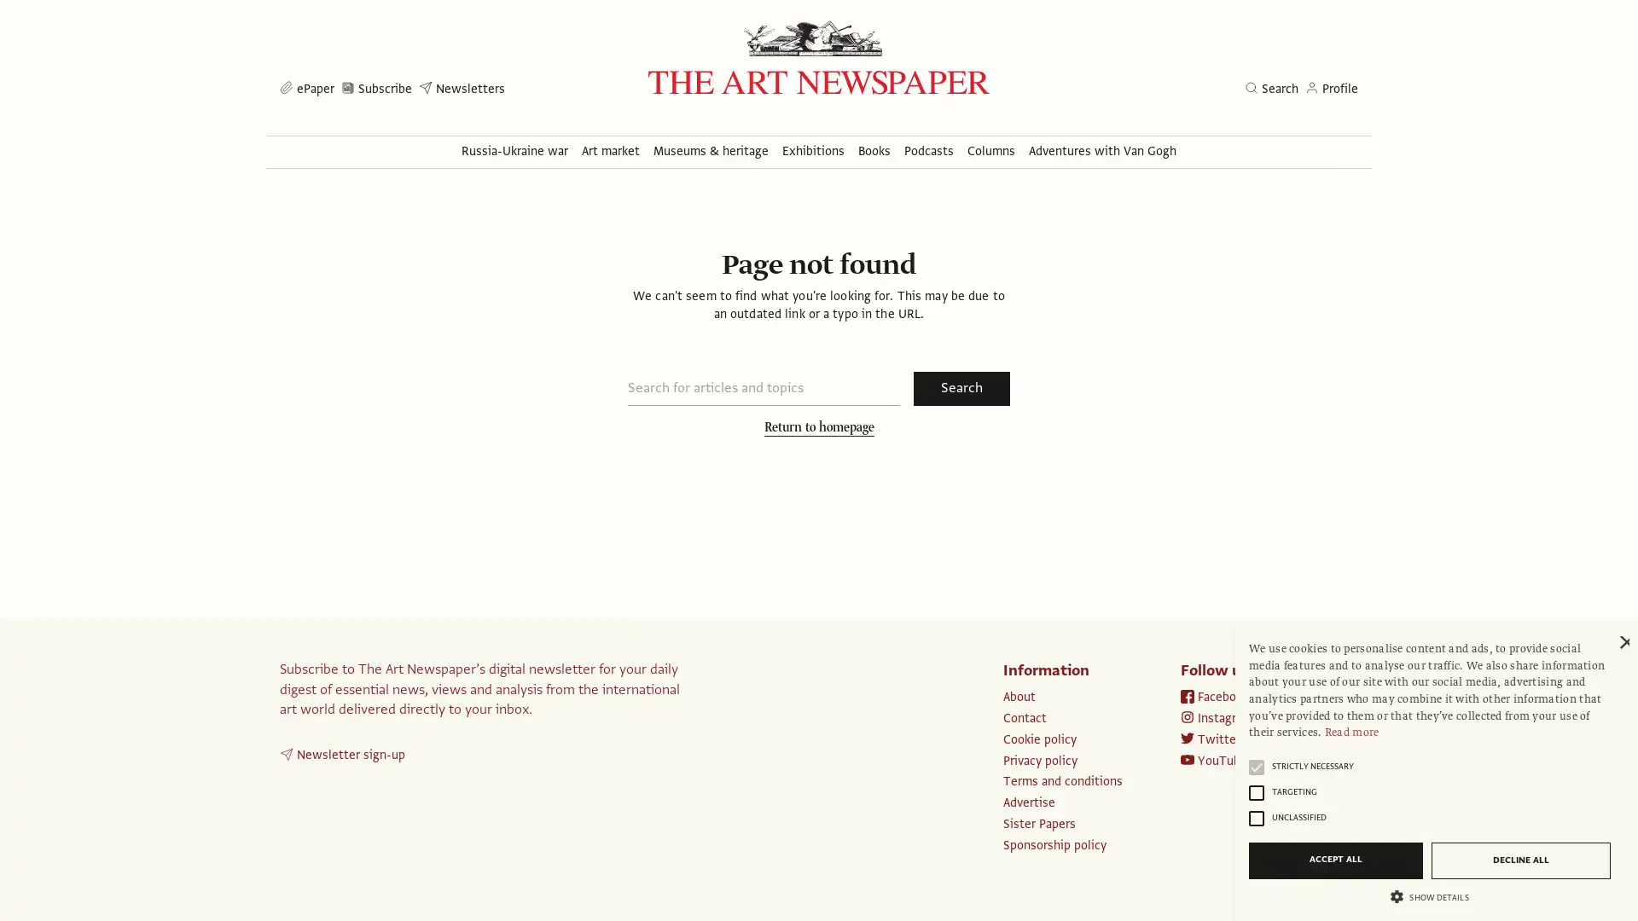  What do you see at coordinates (1429, 895) in the screenshot?
I see `SHOW DETAILS` at bounding box center [1429, 895].